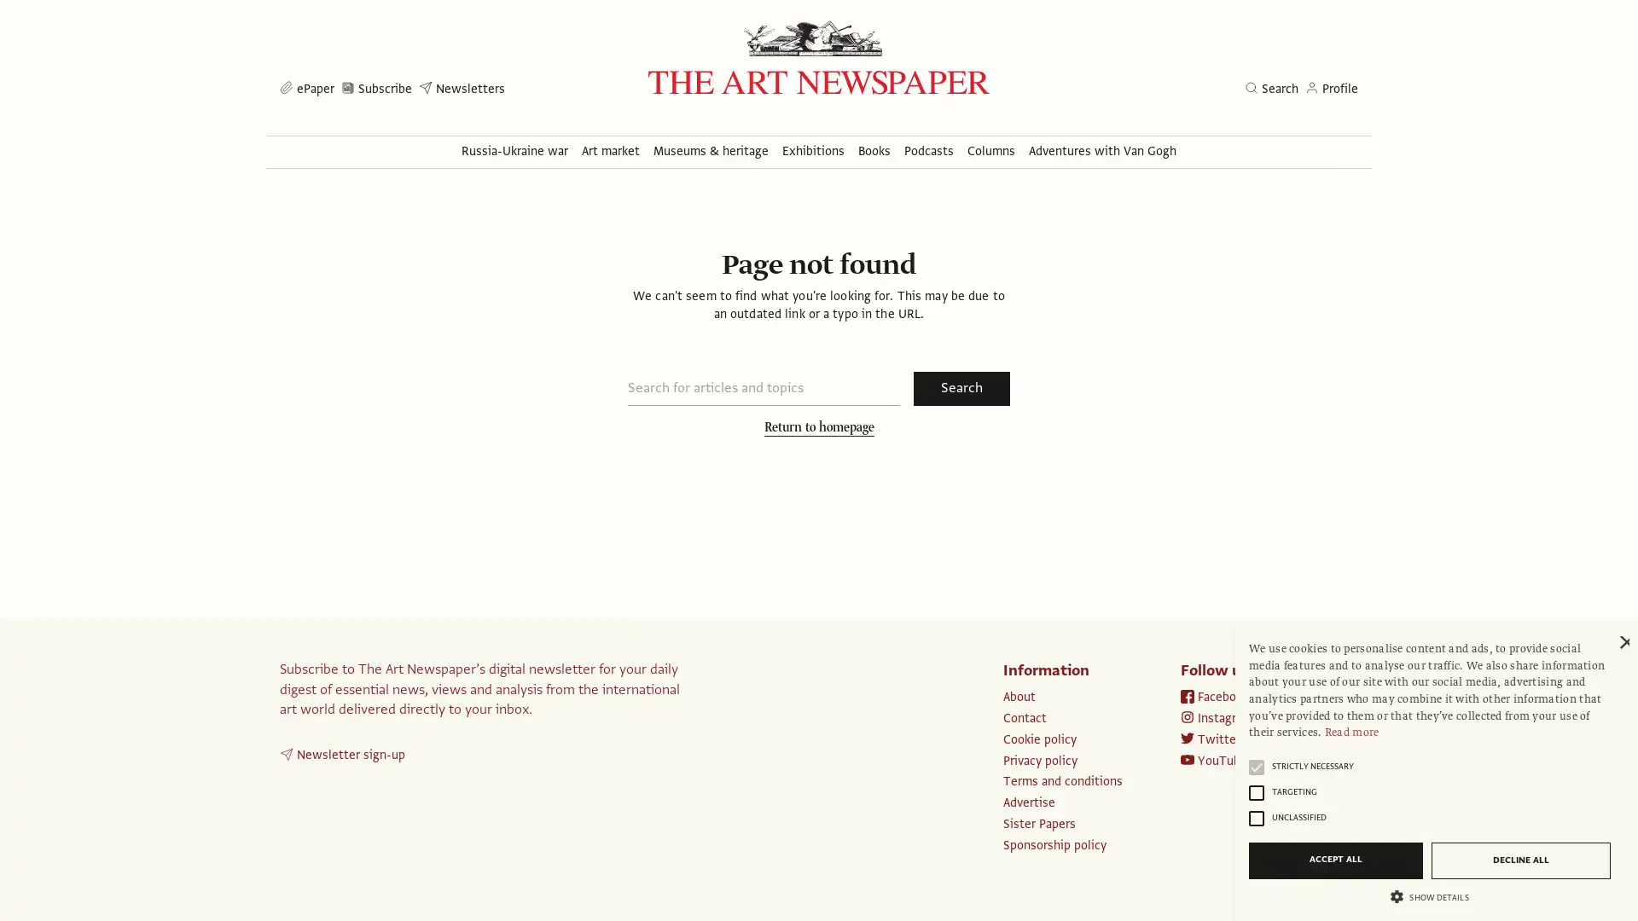  What do you see at coordinates (1429, 895) in the screenshot?
I see `SHOW DETAILS` at bounding box center [1429, 895].